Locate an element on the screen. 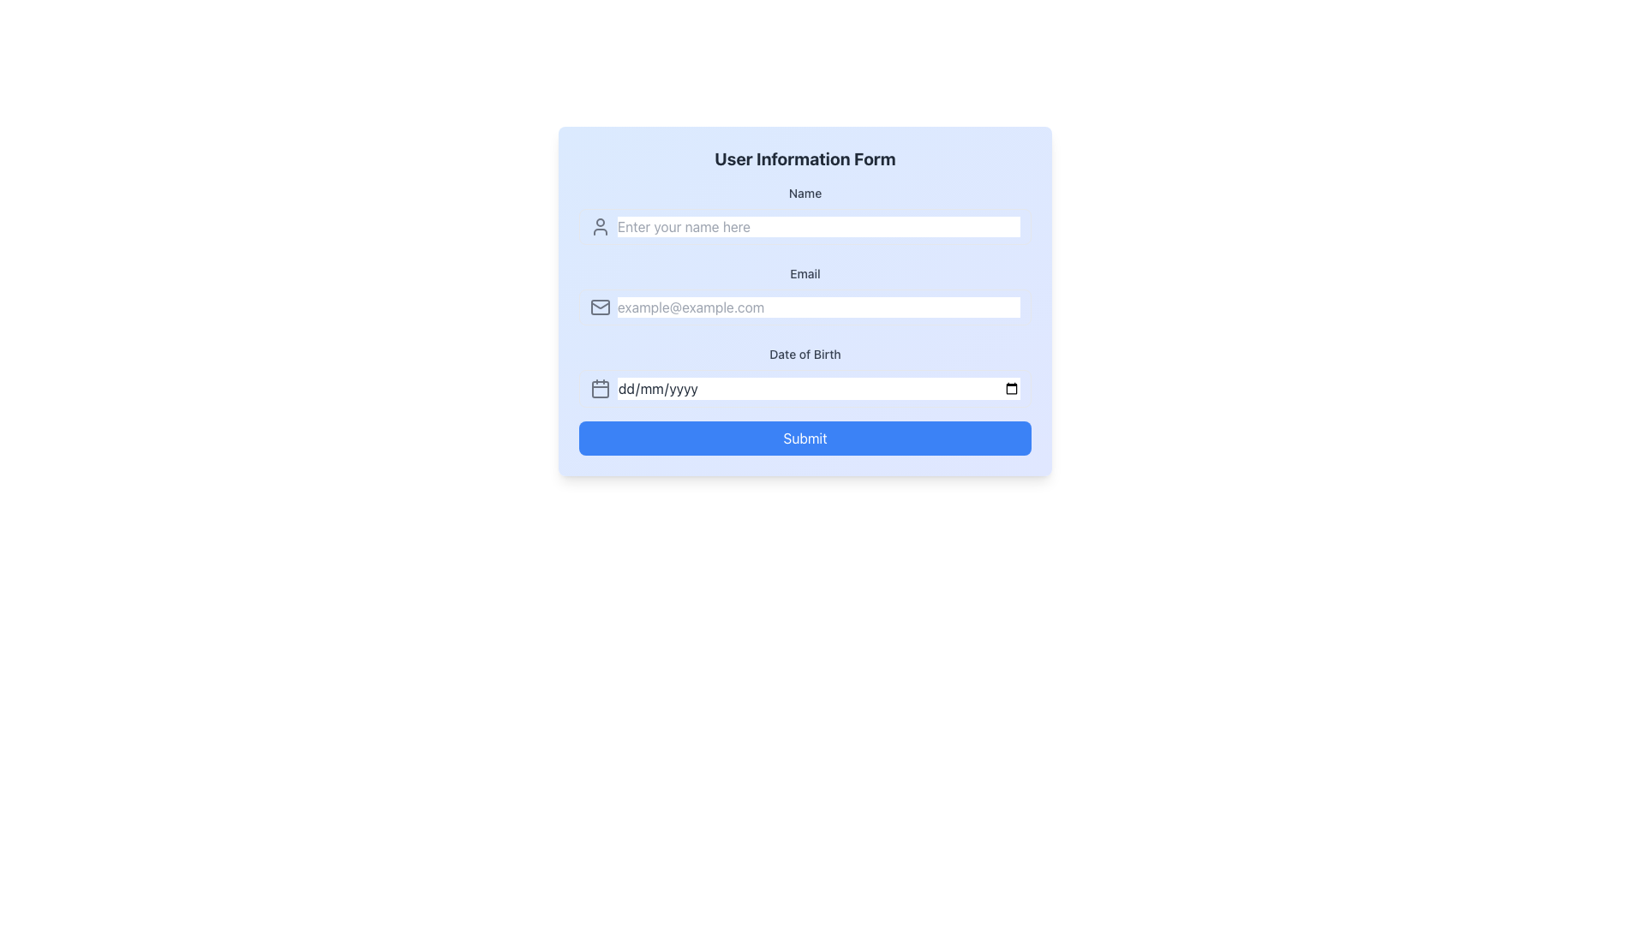 This screenshot has height=925, width=1645. the 'Date of Birth' label, which is styled in a medium-sized sans-serif font and positioned above the date input field in the form interface is located at coordinates (805, 353).